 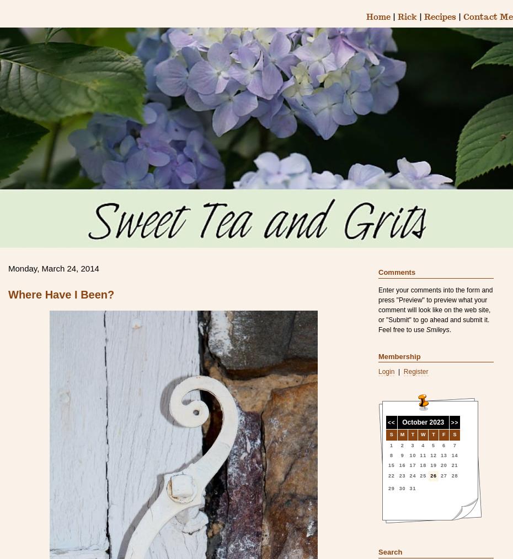 I want to click on '29', so click(x=391, y=487).